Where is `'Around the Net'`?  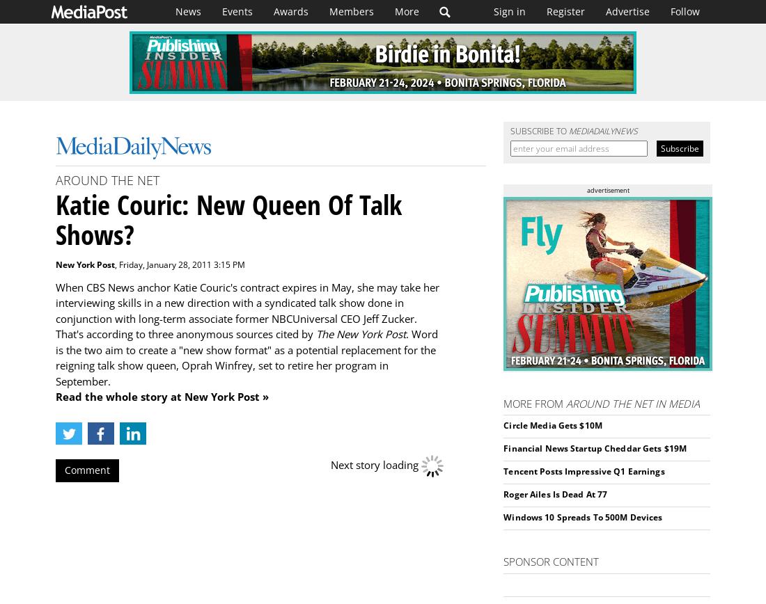 'Around the Net' is located at coordinates (107, 180).